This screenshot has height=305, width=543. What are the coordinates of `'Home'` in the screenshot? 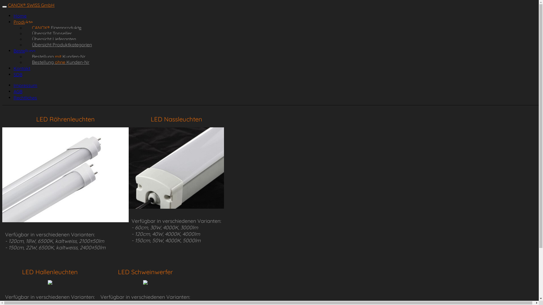 It's located at (20, 16).